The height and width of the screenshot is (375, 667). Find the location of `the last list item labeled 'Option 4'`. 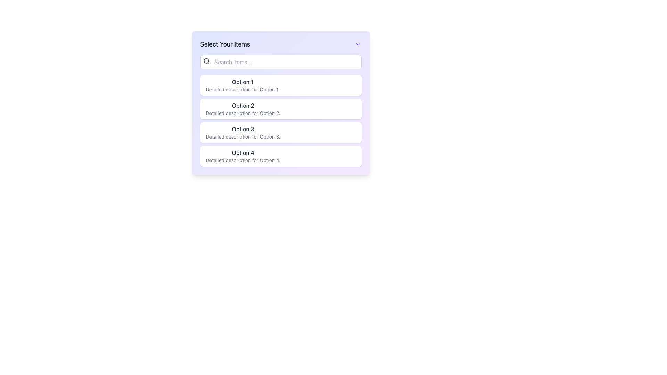

the last list item labeled 'Option 4' is located at coordinates (243, 156).